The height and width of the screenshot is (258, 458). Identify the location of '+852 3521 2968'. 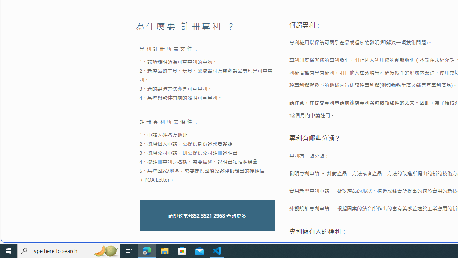
(206, 215).